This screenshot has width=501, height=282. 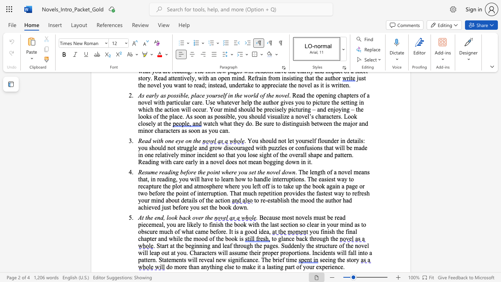 What do you see at coordinates (168, 217) in the screenshot?
I see `the subset text "ook back ov" within the text "At the end, look back over the"` at bounding box center [168, 217].